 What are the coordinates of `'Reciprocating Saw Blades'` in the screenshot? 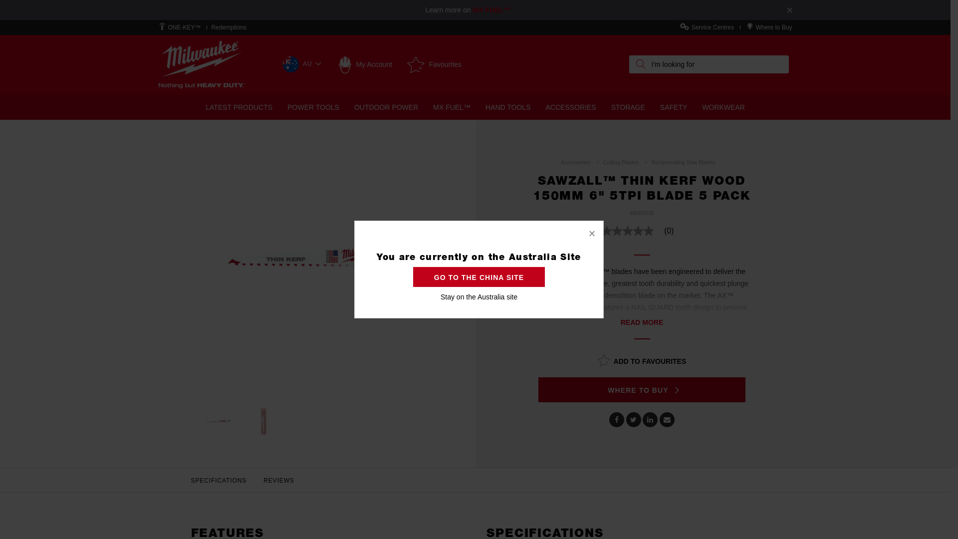 It's located at (682, 161).